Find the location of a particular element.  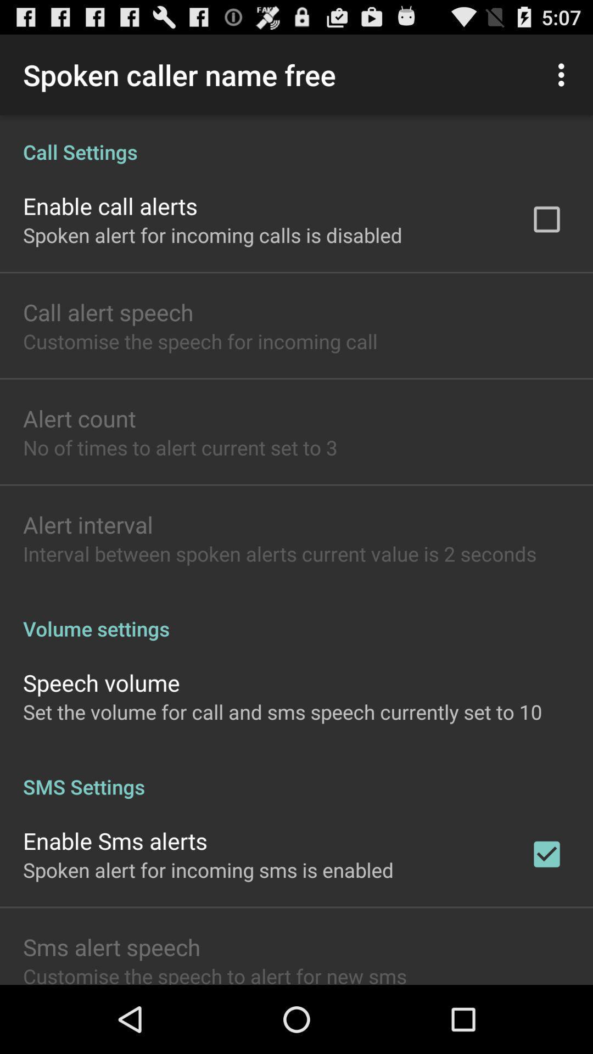

the item to the right of spoken caller name item is located at coordinates (564, 74).